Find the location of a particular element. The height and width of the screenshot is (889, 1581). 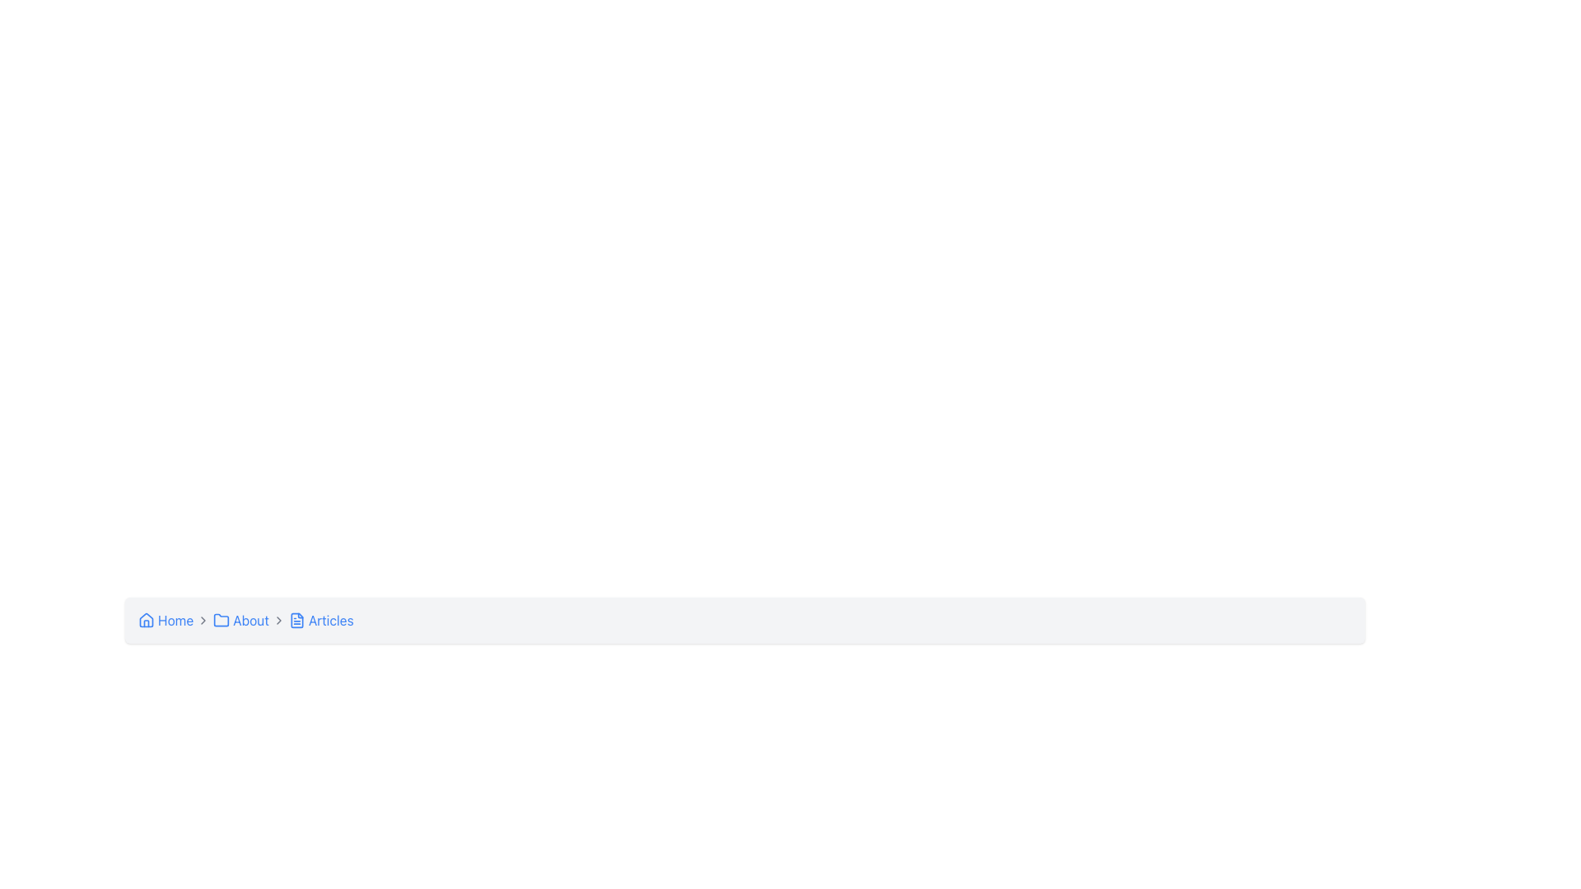

the SVG house icon located to the left of the 'Home' text link in the breadcrumb navigation bar is located at coordinates (146, 620).